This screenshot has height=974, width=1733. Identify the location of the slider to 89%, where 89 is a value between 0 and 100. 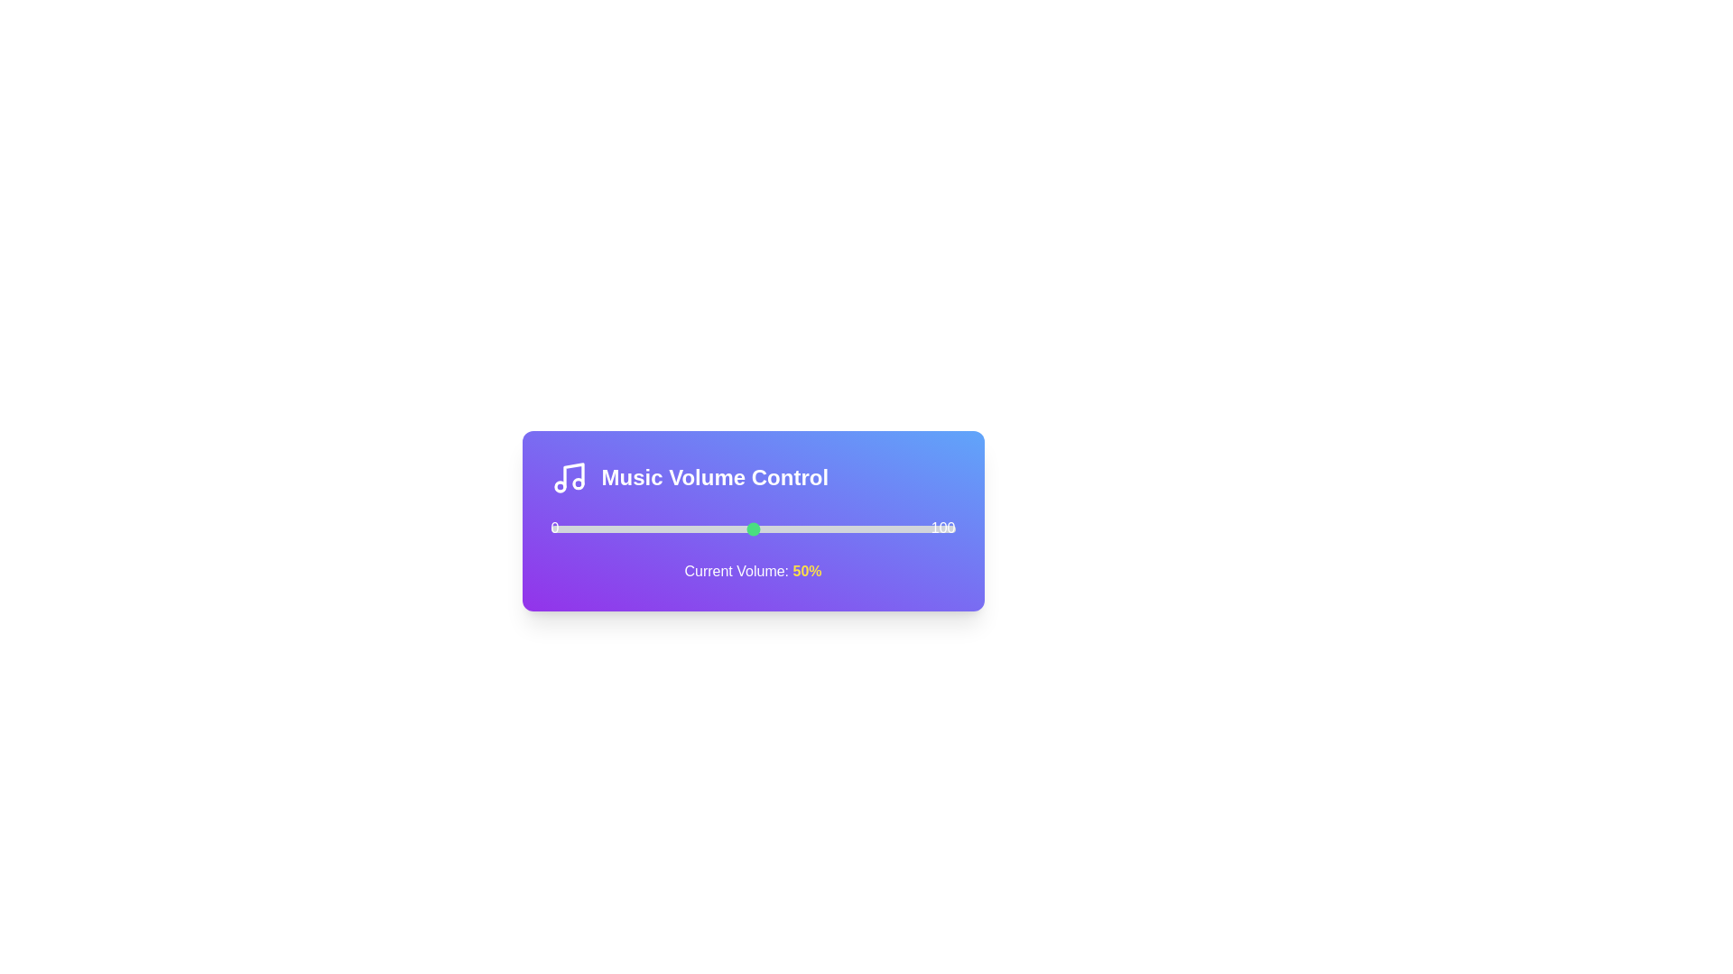
(911, 528).